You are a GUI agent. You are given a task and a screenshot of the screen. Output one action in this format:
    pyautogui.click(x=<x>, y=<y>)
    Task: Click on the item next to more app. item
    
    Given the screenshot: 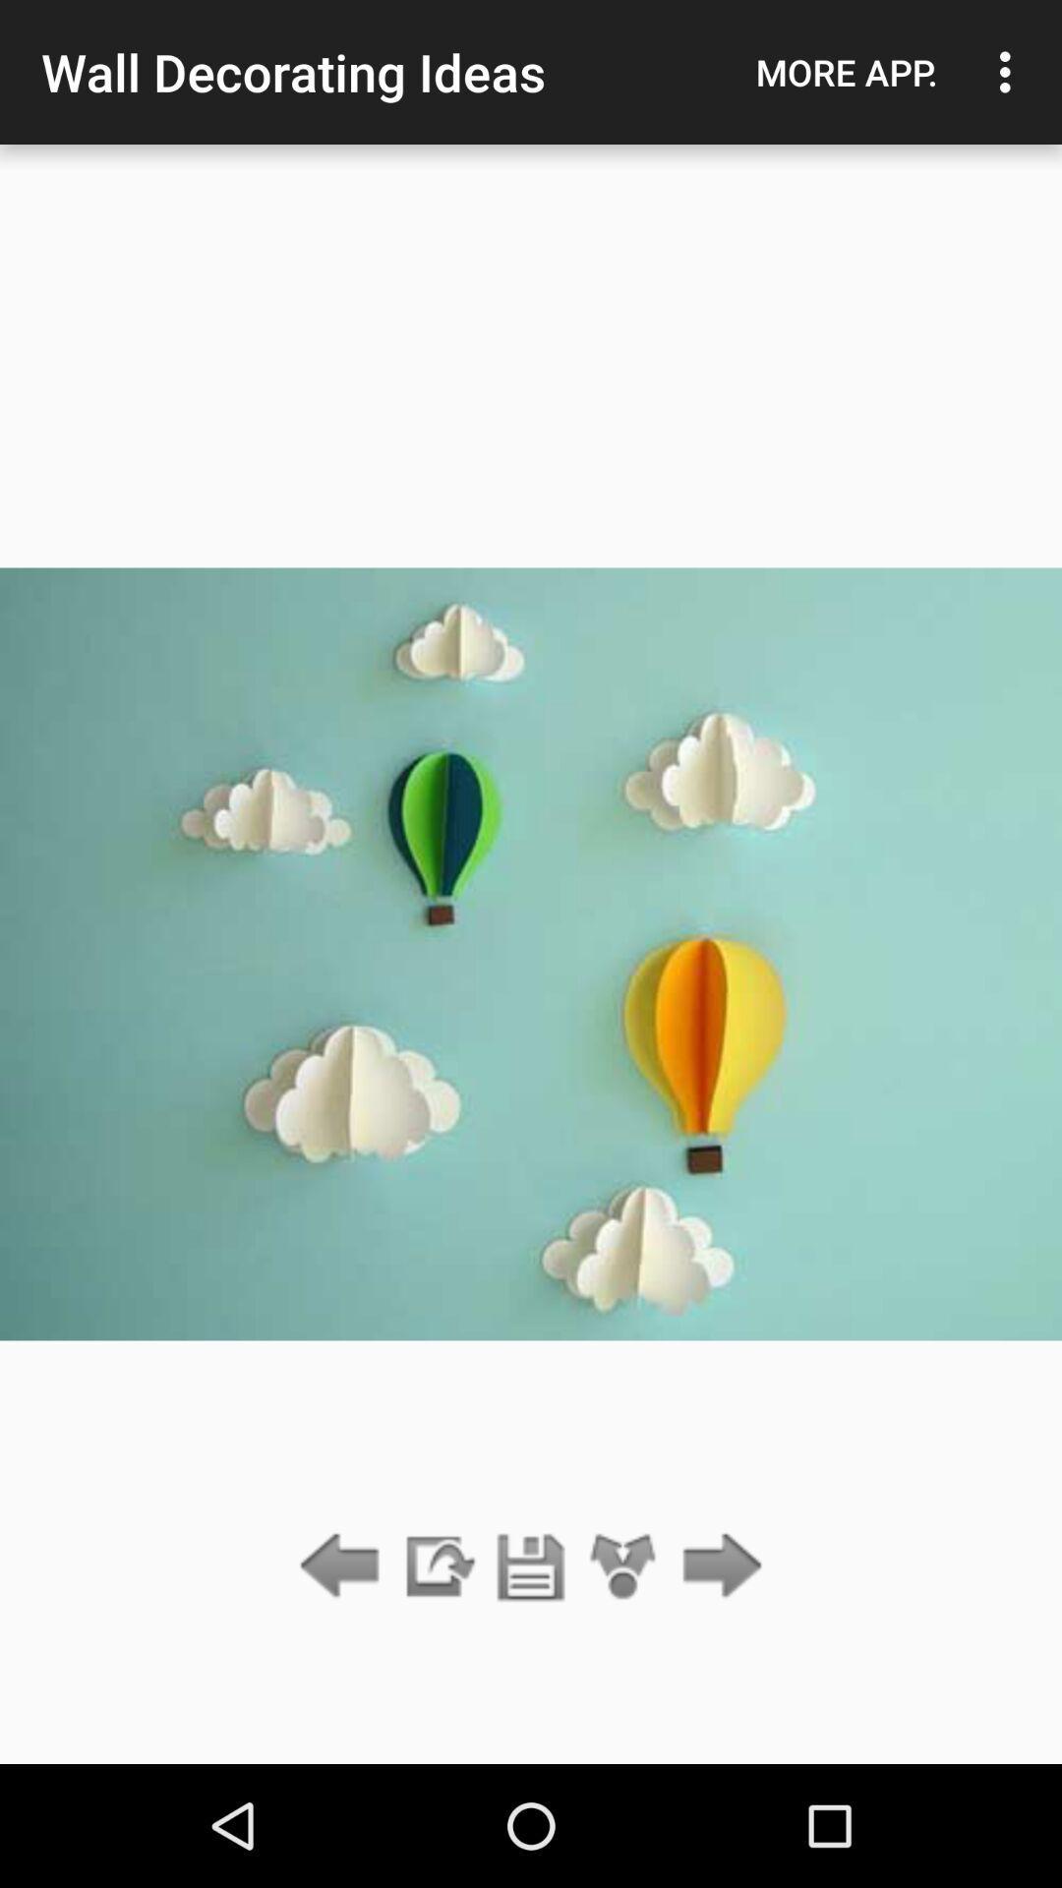 What is the action you would take?
    pyautogui.click(x=1010, y=72)
    